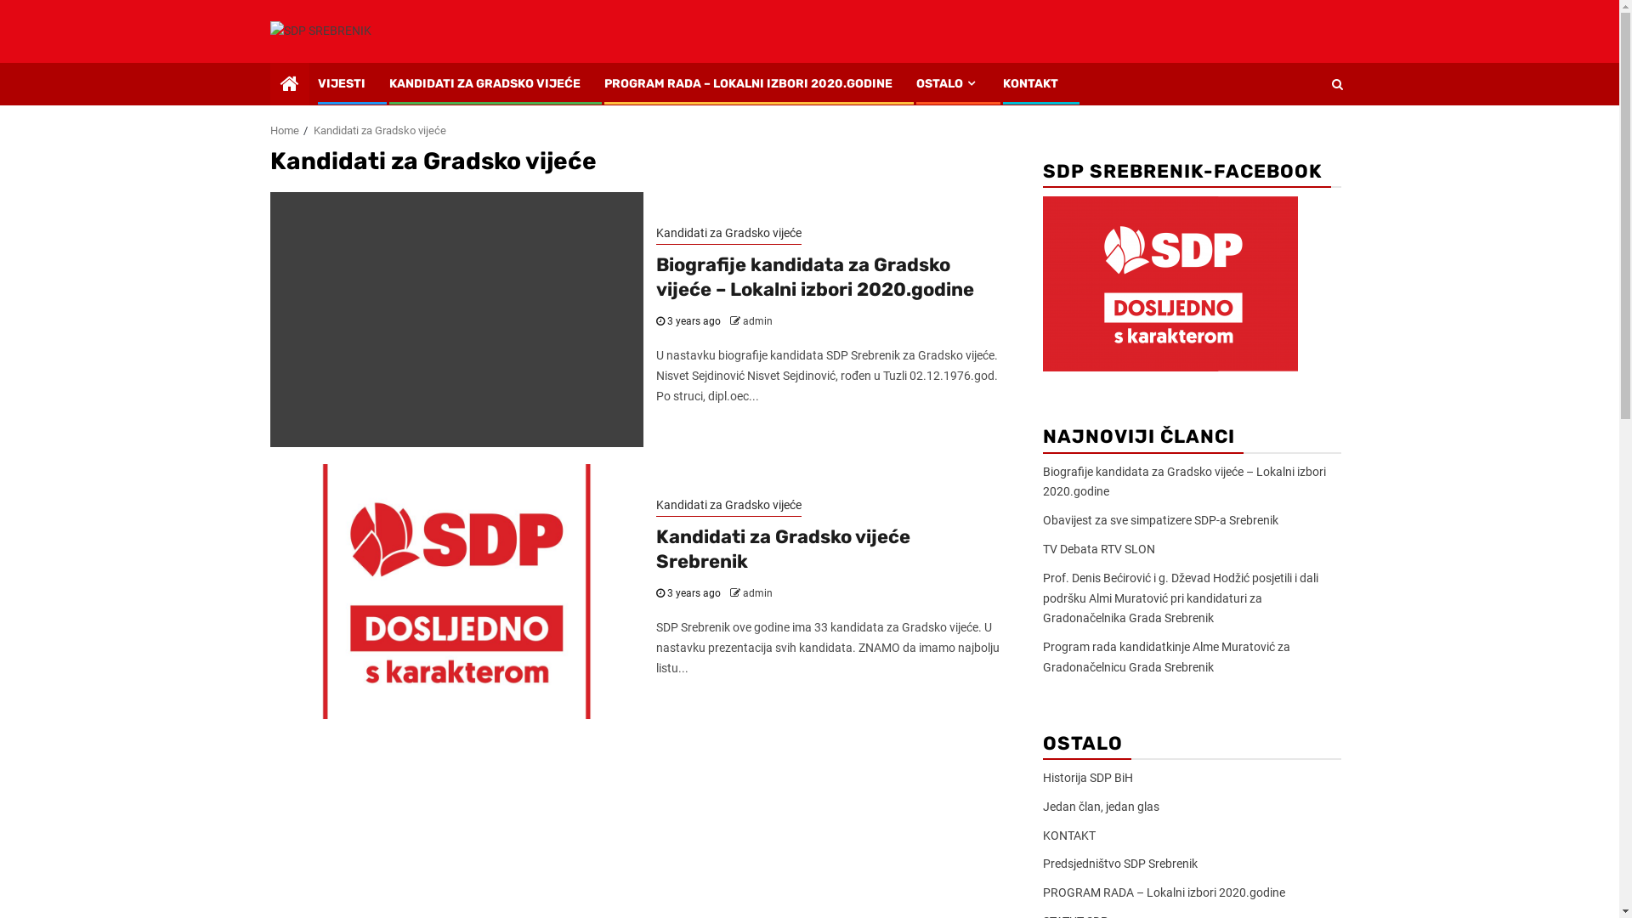  I want to click on 'KONTAKT', so click(1068, 835).